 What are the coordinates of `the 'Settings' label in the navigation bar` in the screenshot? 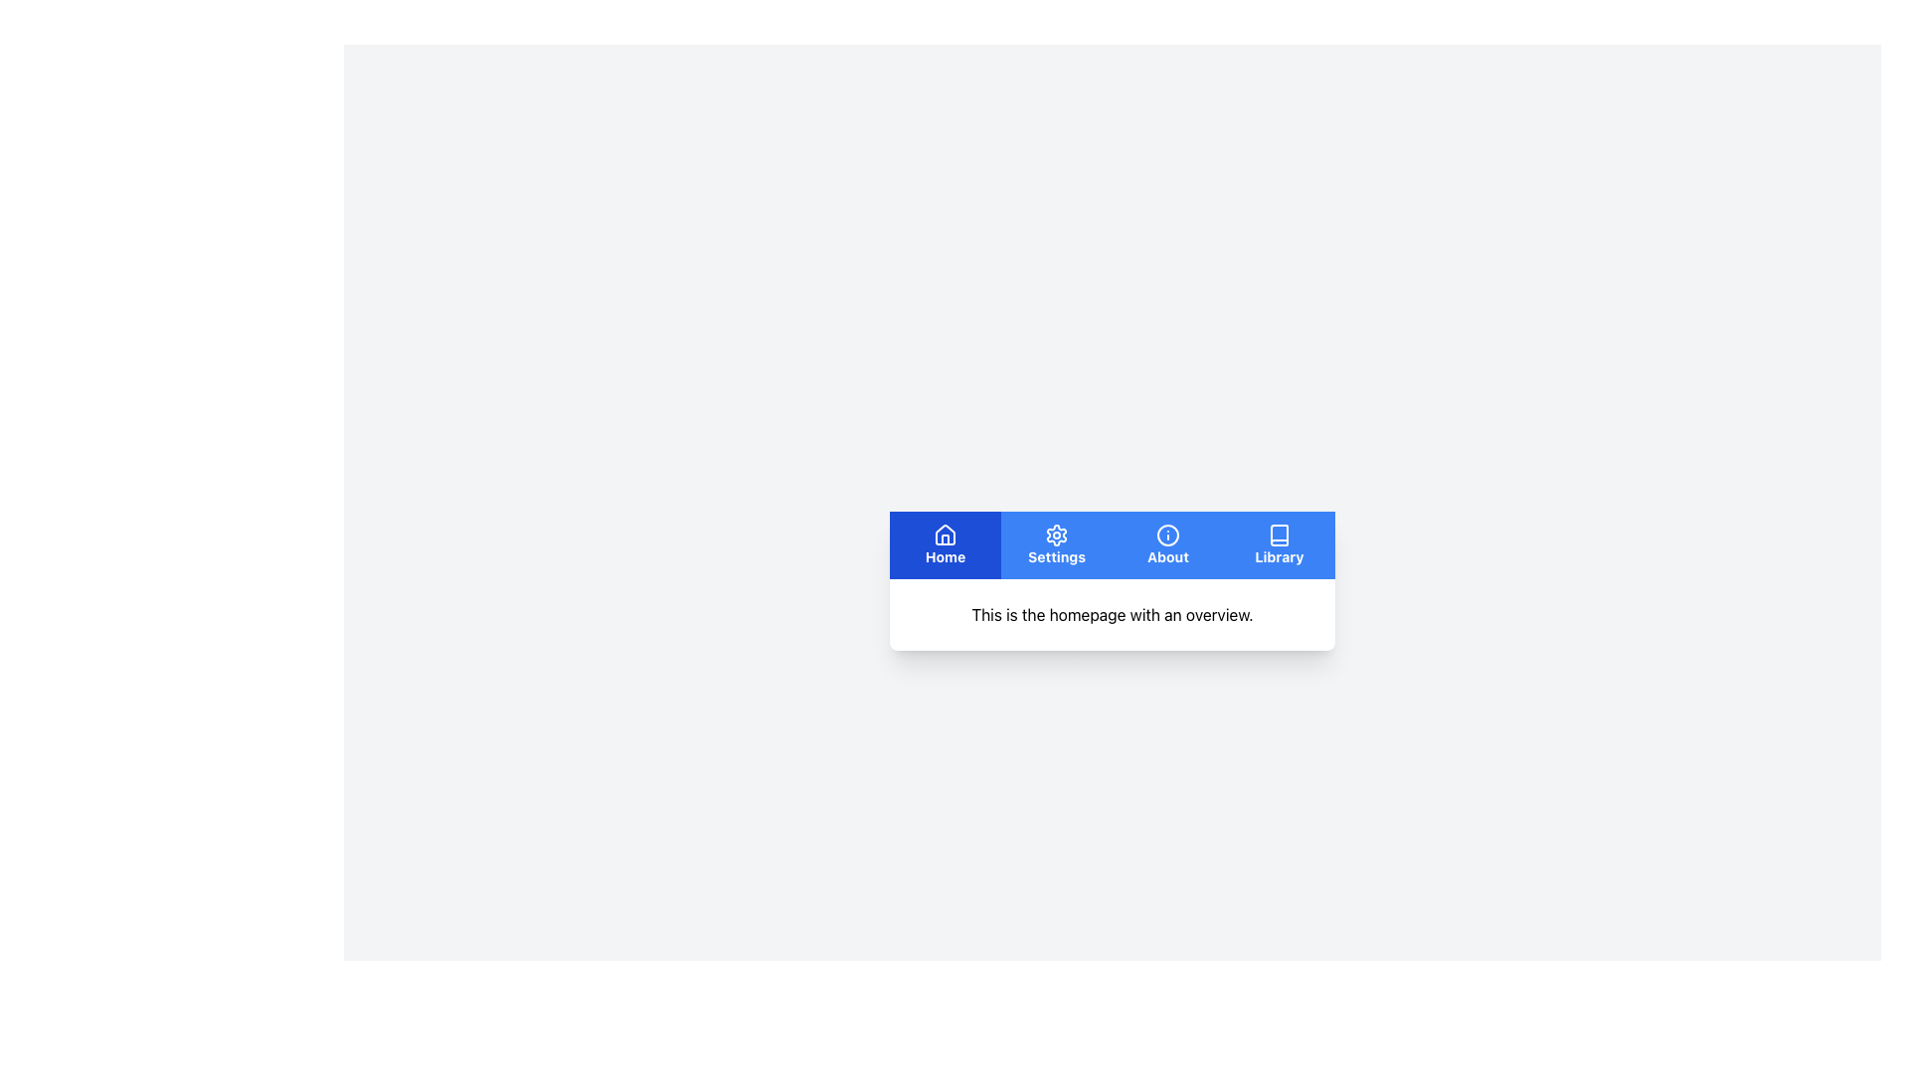 It's located at (1055, 556).